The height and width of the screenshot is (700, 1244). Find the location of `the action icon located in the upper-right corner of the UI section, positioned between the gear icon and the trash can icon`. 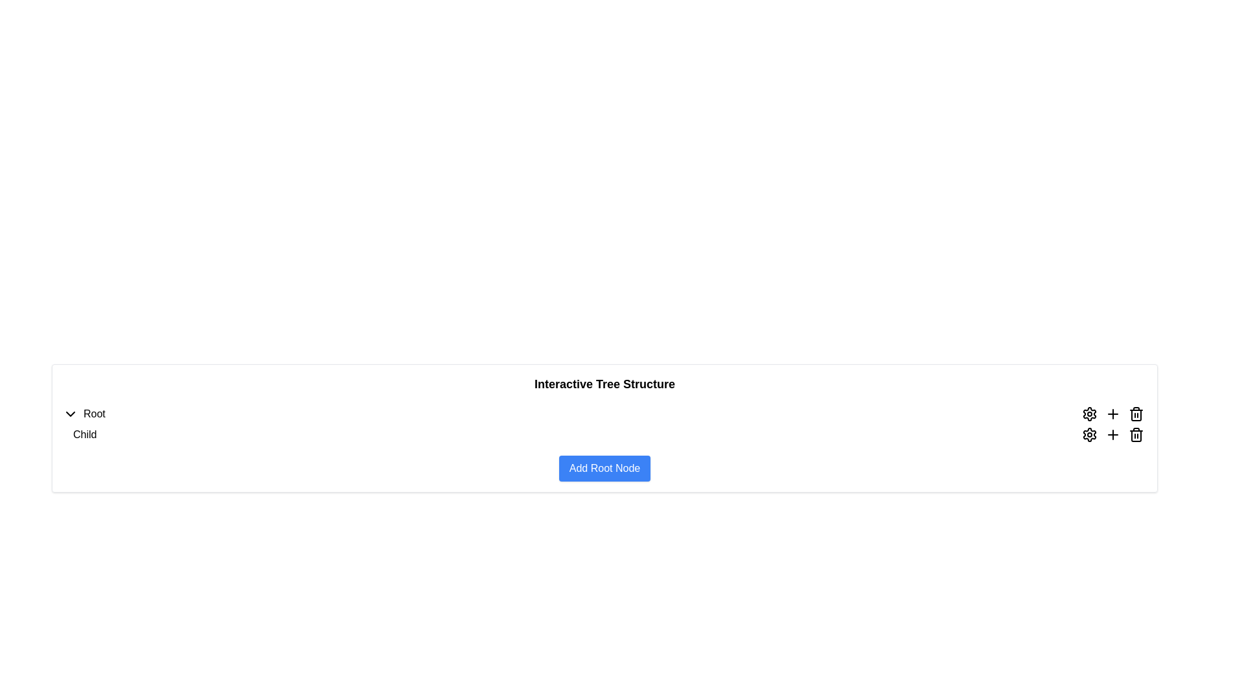

the action icon located in the upper-right corner of the UI section, positioned between the gear icon and the trash can icon is located at coordinates (1112, 435).